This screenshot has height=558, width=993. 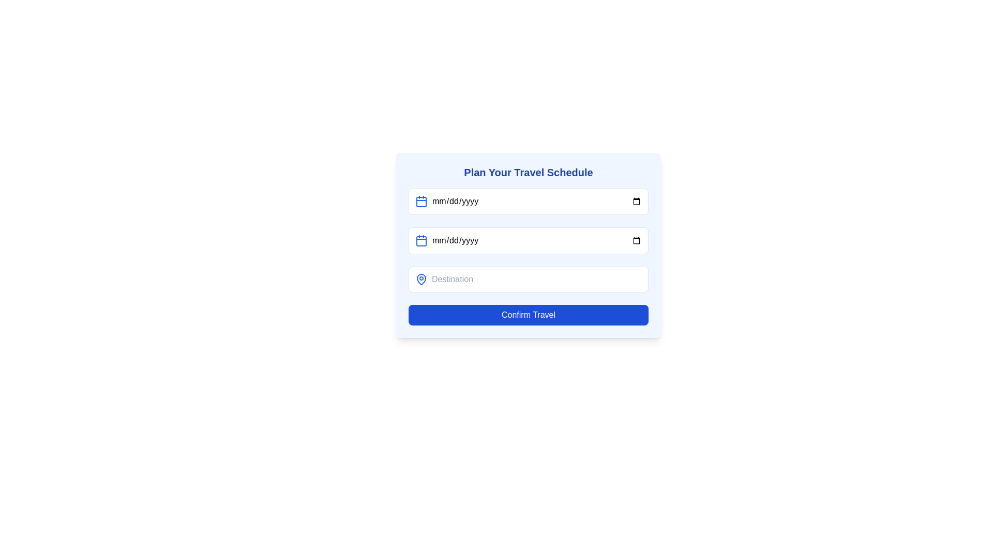 I want to click on the calendar icon with a blue outline, positioned to the far left next to the 'Start Date' text input field, so click(x=422, y=201).